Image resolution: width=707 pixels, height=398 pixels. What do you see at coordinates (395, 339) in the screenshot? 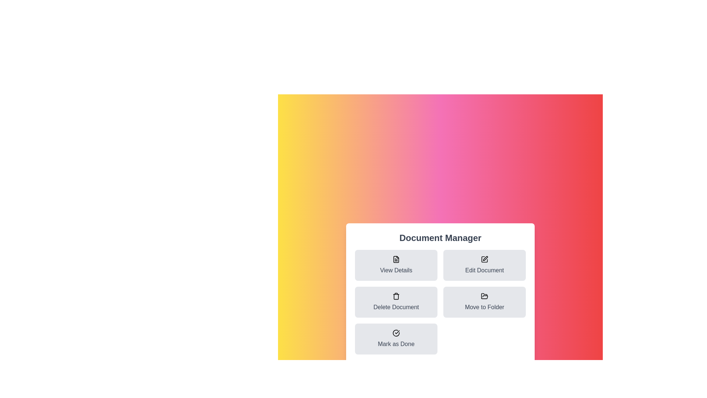
I see `the 'Mark as Done' button to mark the document as completed` at bounding box center [395, 339].